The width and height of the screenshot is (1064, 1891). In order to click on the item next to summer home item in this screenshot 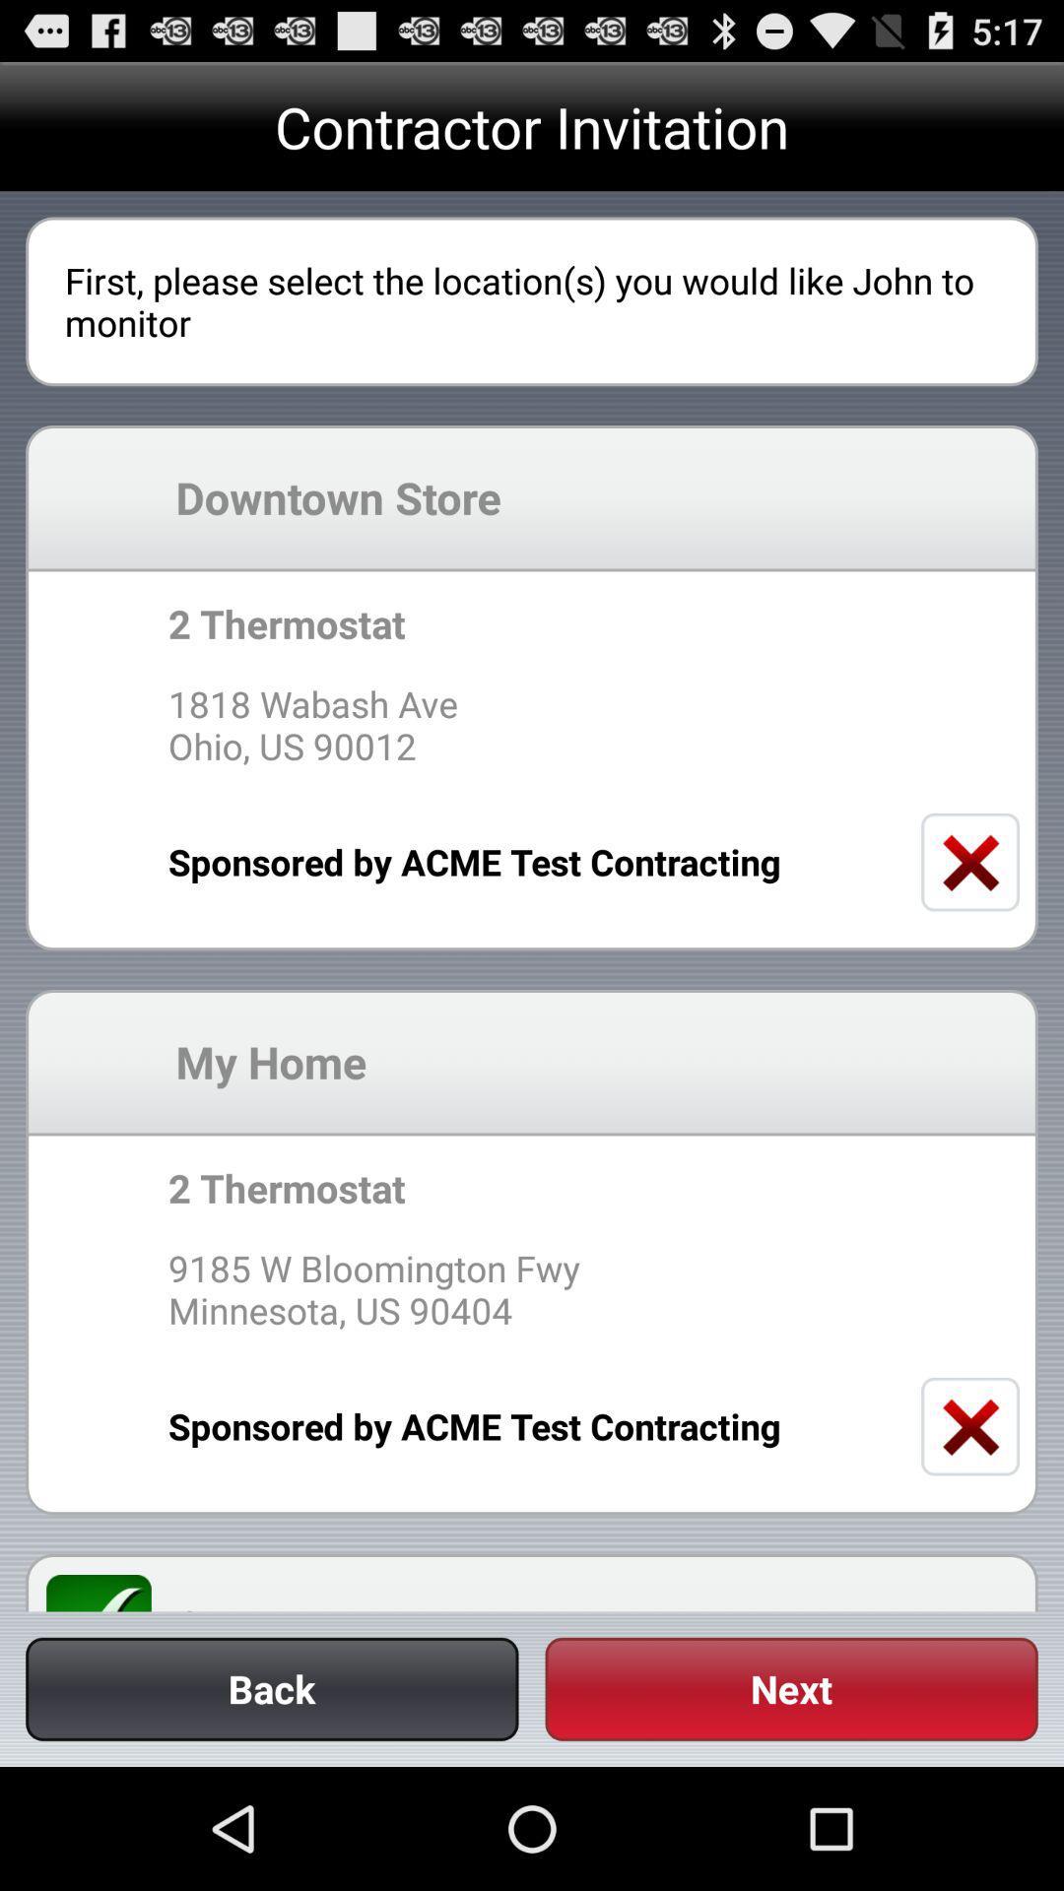, I will do `click(110, 1593)`.